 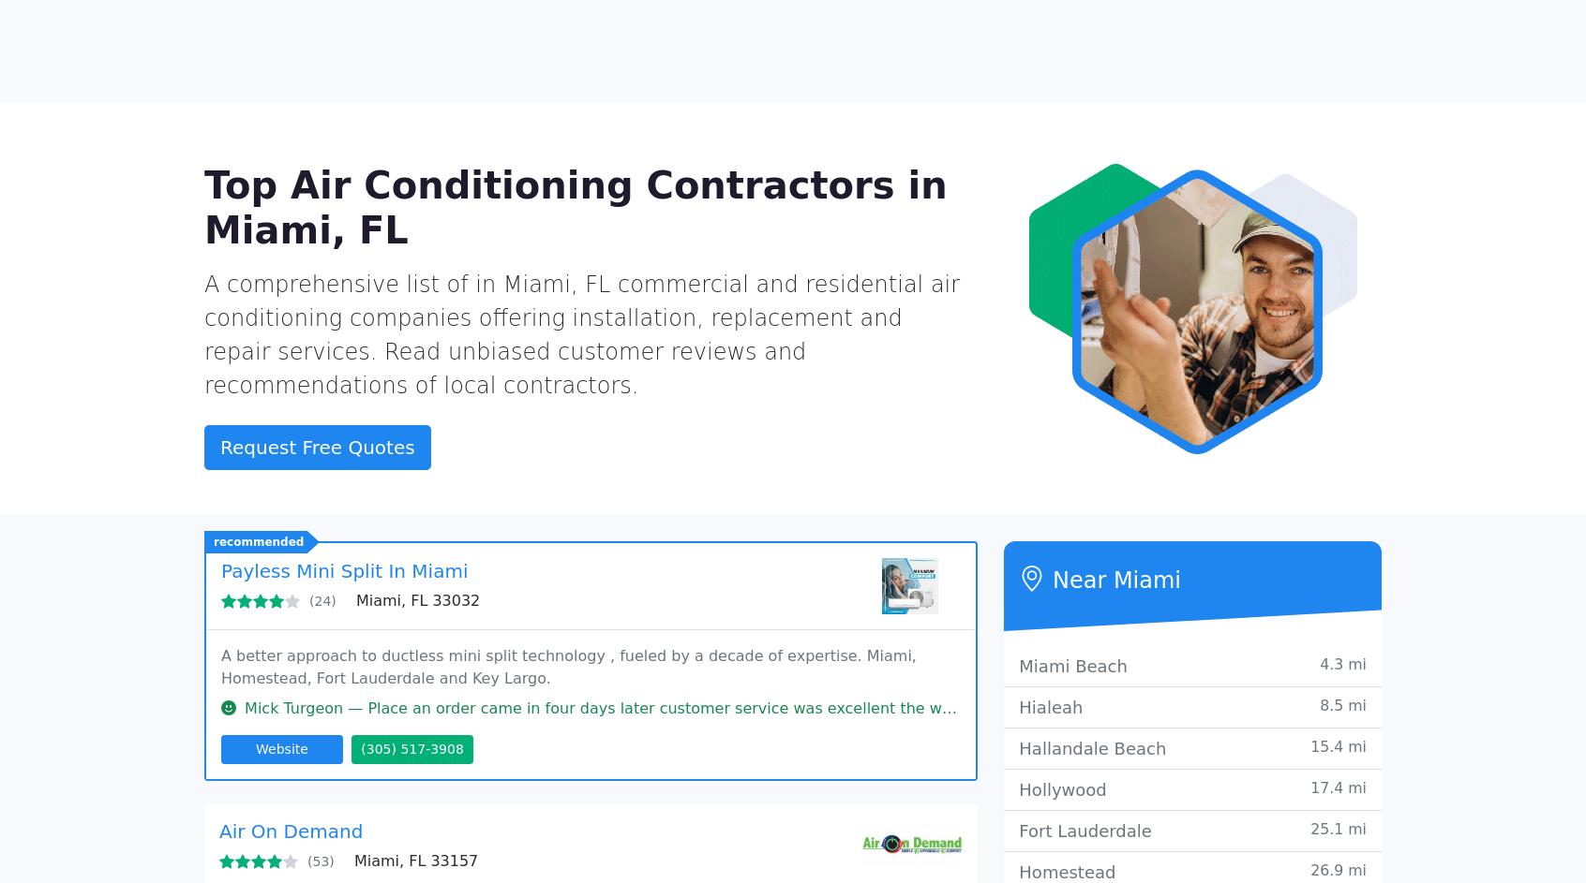 I want to click on 'Destiny — This Company is the best in Miami, Florida. They are very responsible, have quality service and you can always count on them', so click(x=758, y=795).